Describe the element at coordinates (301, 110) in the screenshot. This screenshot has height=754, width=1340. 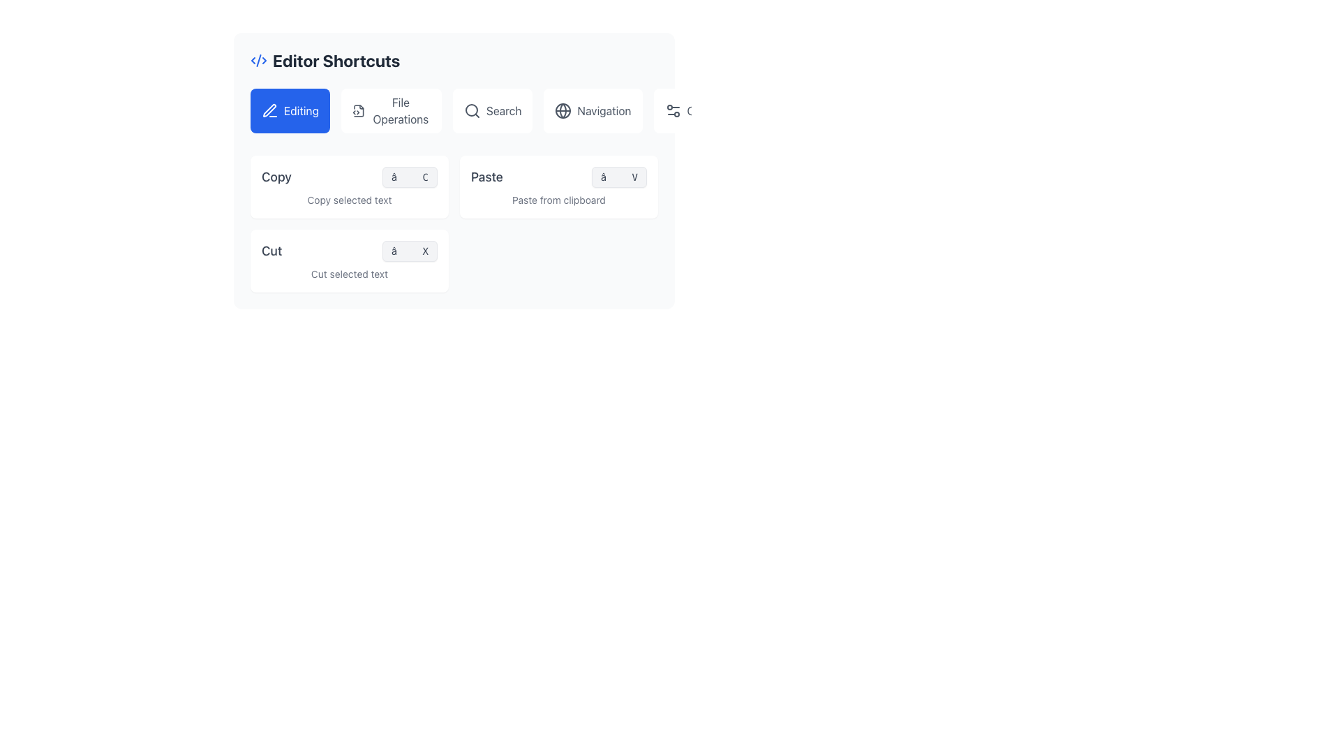
I see `the text label displaying 'Editing' in white text on a blue button background located in the upper-left corner of the 'Editor Shortcuts' section` at that location.